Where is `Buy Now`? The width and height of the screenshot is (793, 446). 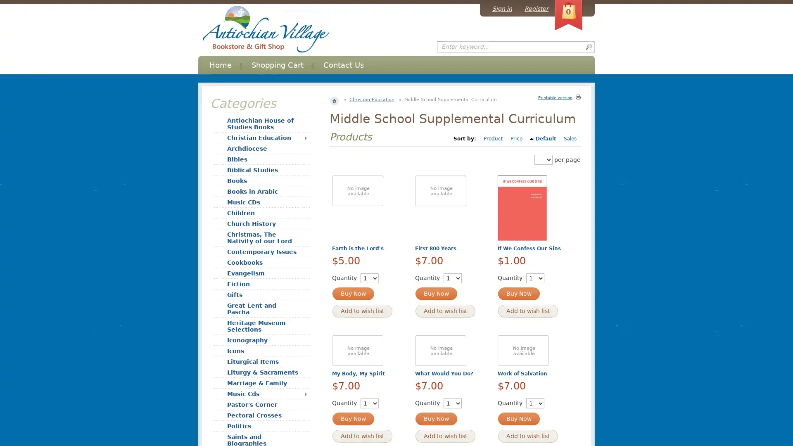 Buy Now is located at coordinates (518, 293).